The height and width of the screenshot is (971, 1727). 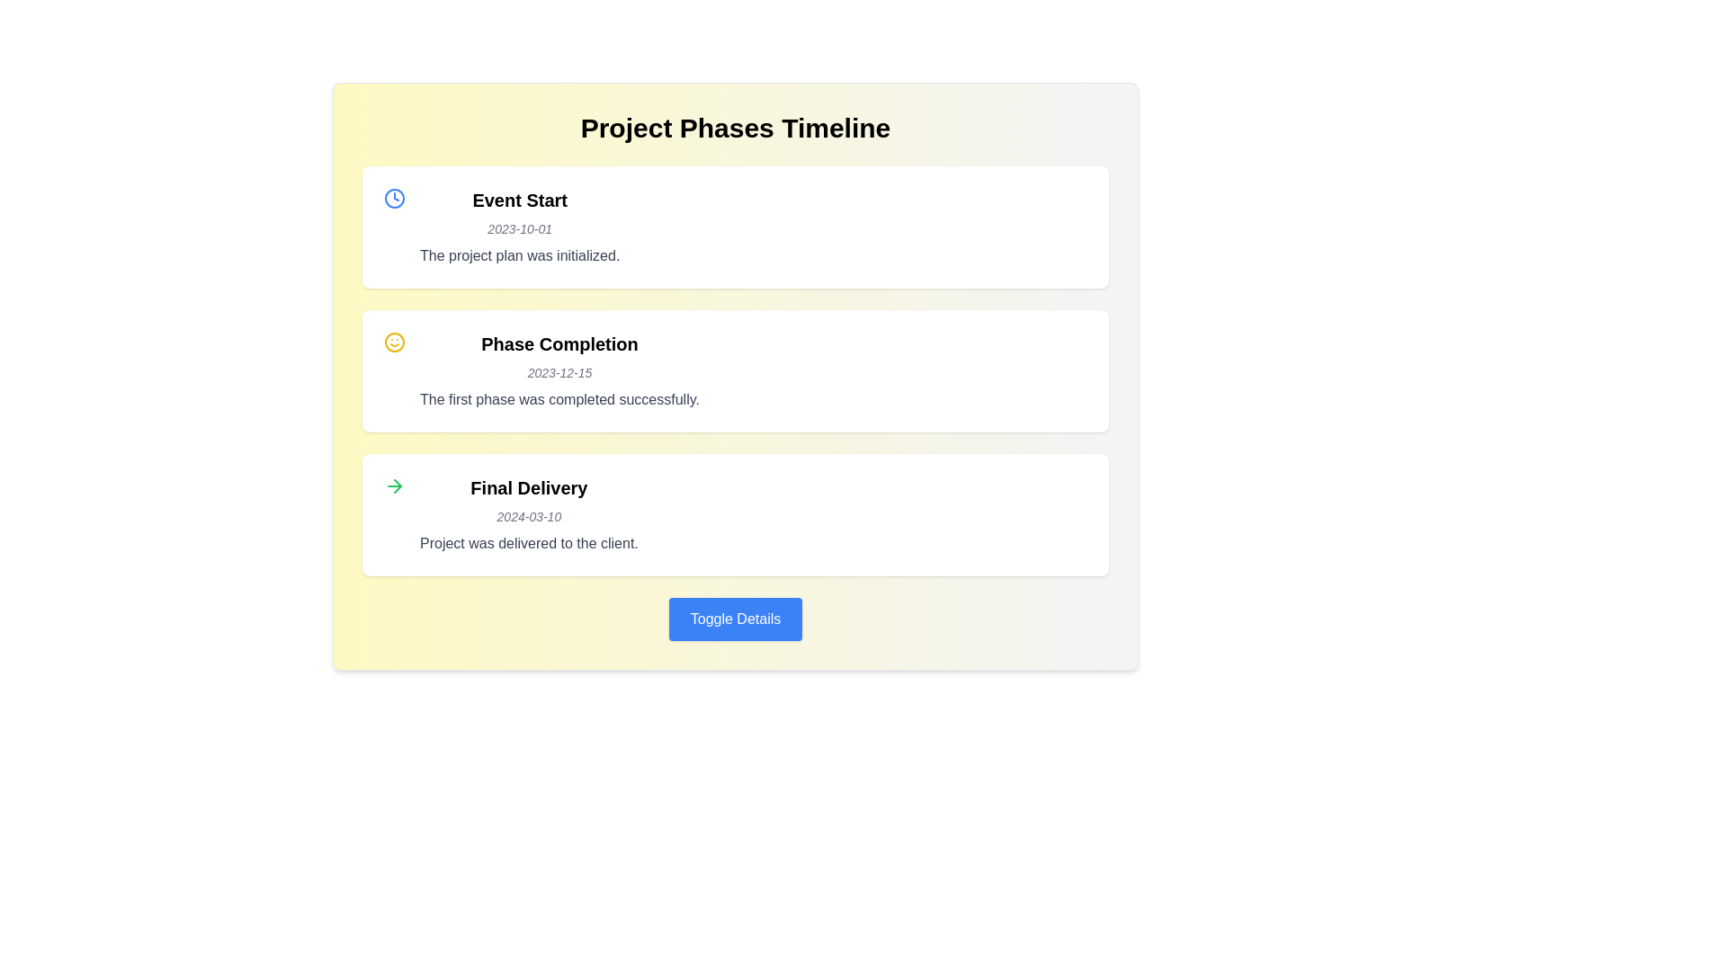 What do you see at coordinates (528, 516) in the screenshot?
I see `the date label '2024-03-10', displayed in a smaller, italic gray font, located in the third timeline event box under 'Final Delivery'` at bounding box center [528, 516].